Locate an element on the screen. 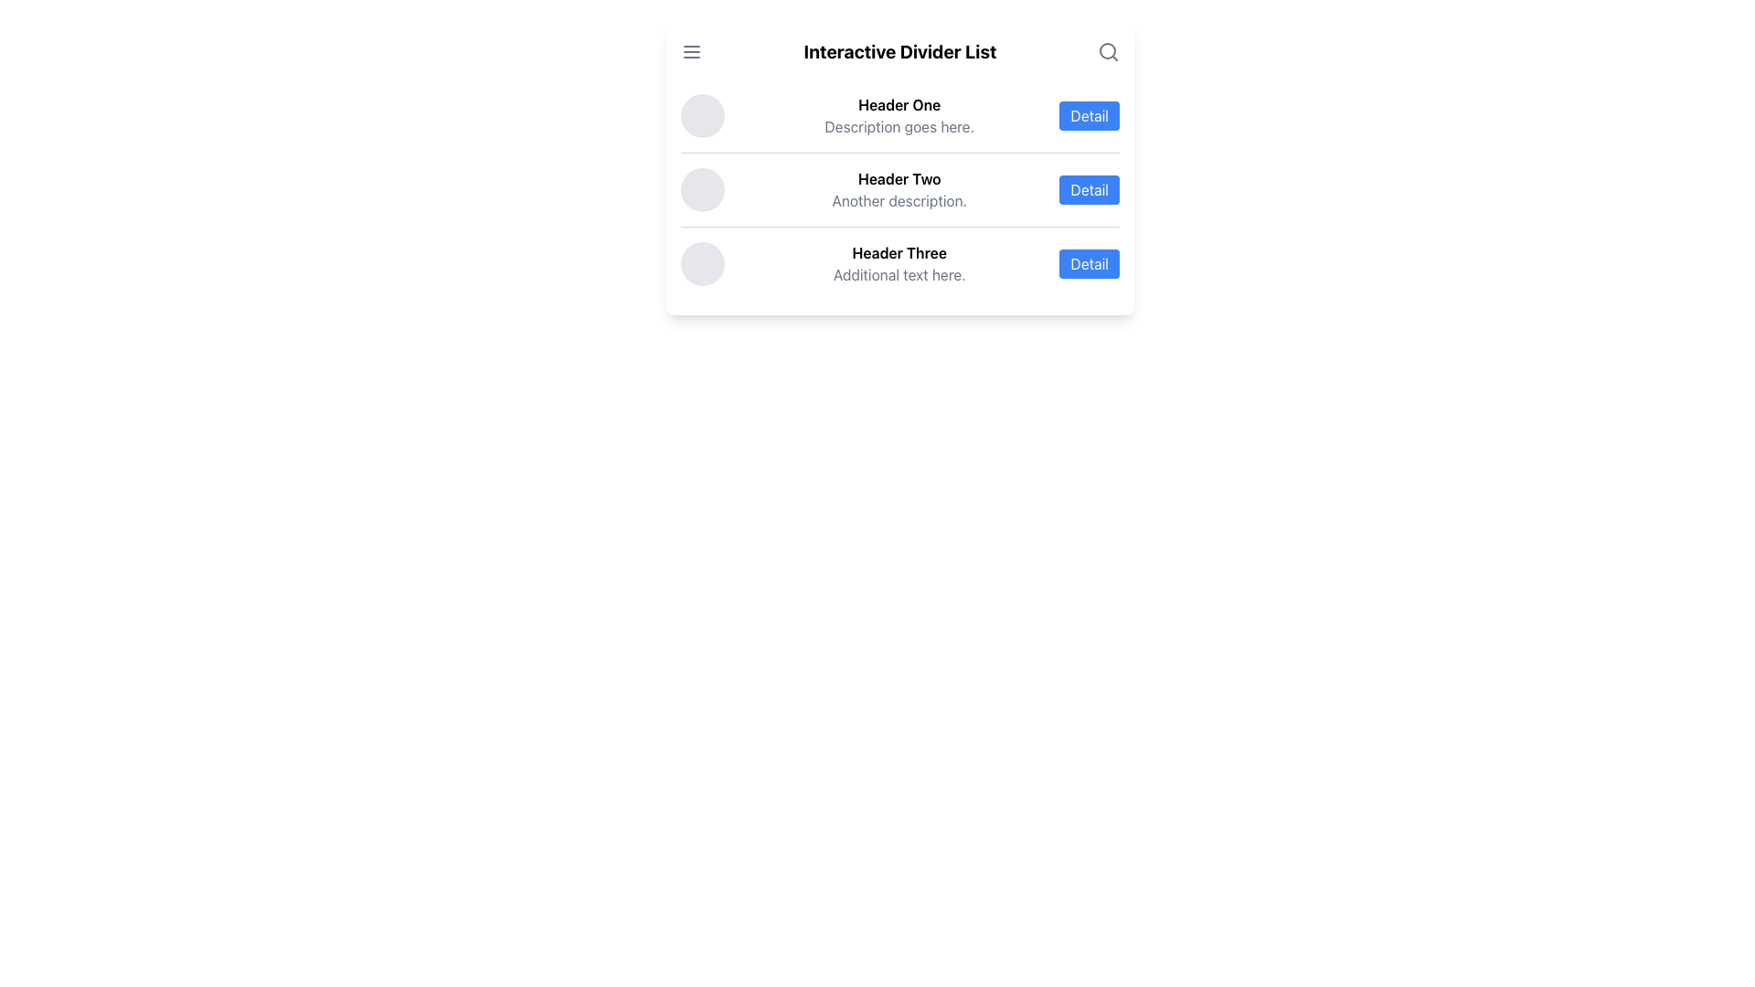 This screenshot has width=1755, height=987. the third item in the list, which contains a 'Detail' button for further interaction is located at coordinates (899, 263).